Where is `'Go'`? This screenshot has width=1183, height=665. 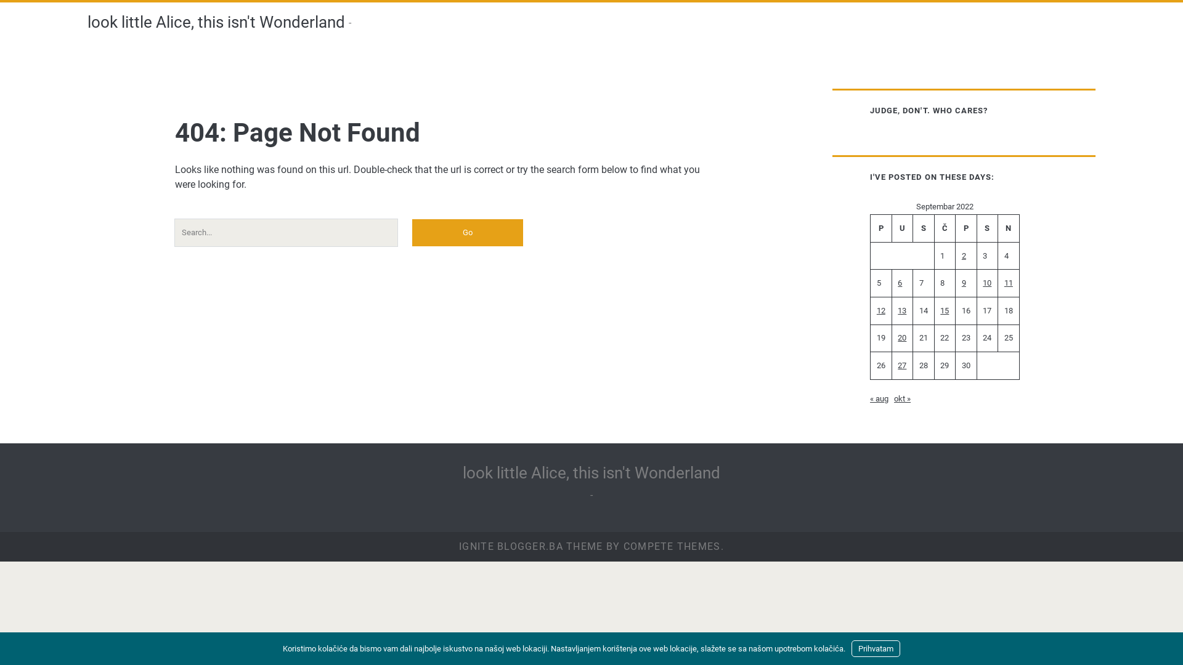
'Go' is located at coordinates (466, 233).